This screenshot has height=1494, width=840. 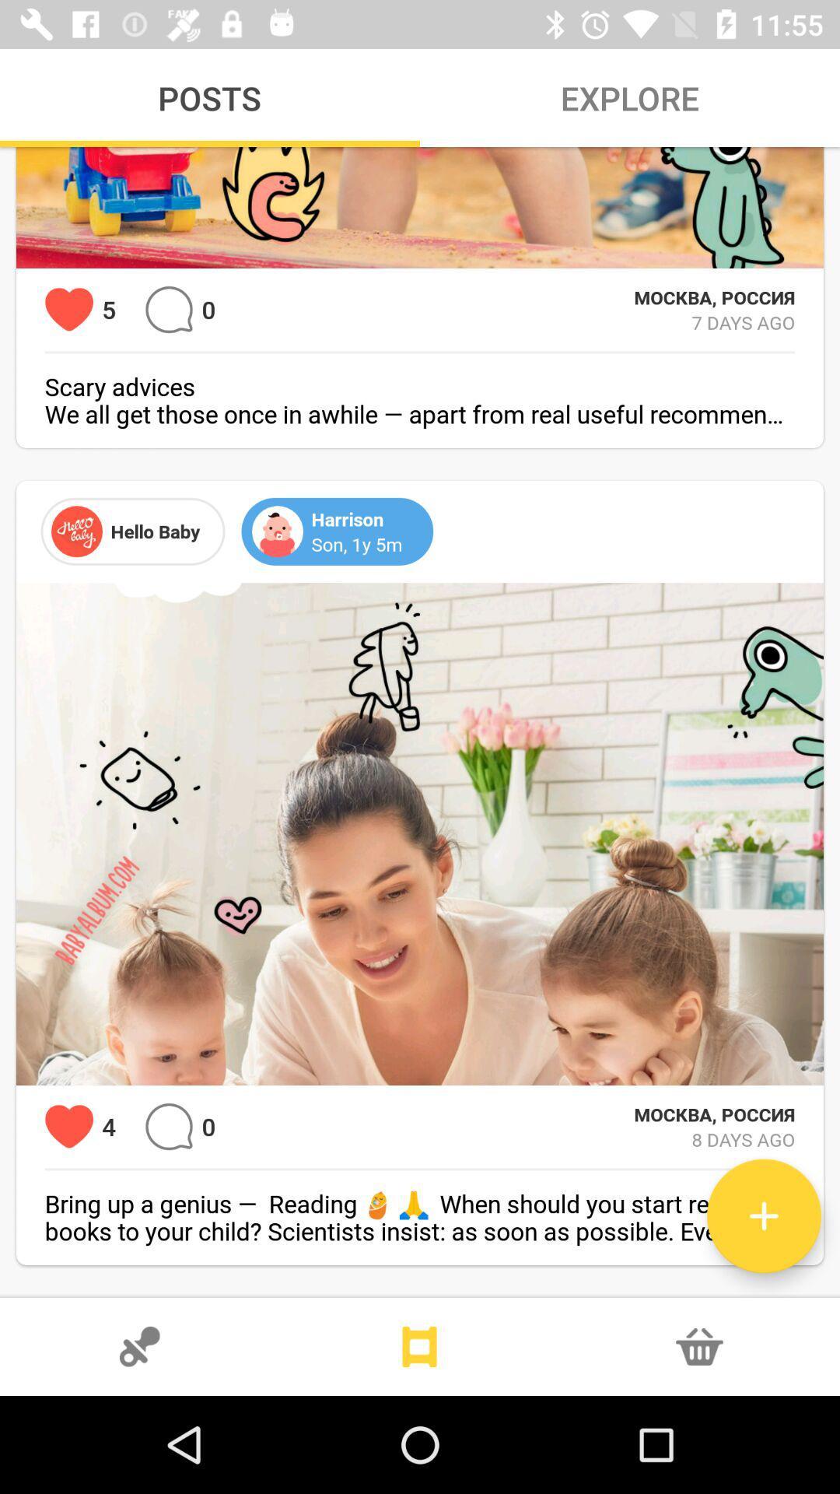 I want to click on command, so click(x=169, y=1127).